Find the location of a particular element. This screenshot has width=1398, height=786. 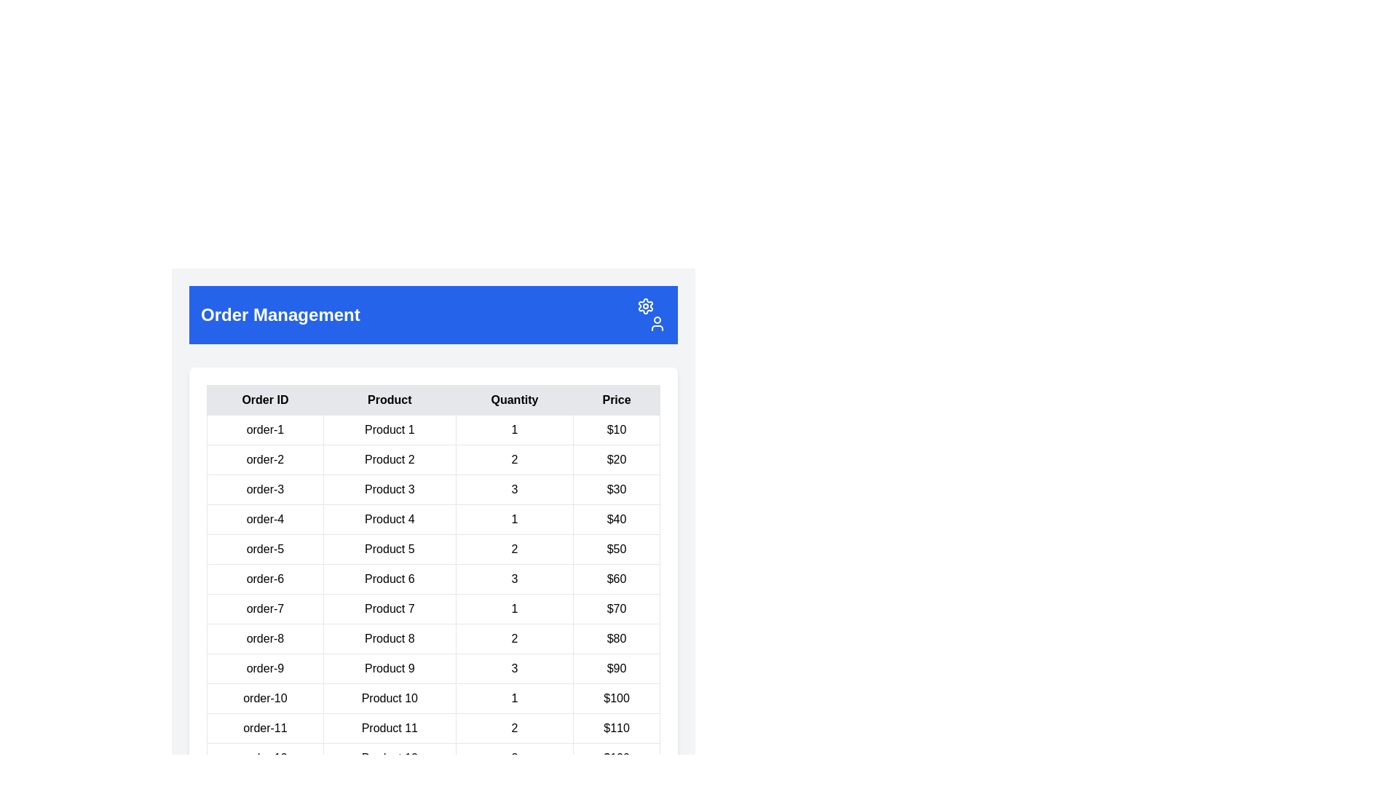

the user profile icon, which is represented by an outline of a person, located at the top-right corner of the blue header, adjacent to the settings icon is located at coordinates (656, 322).